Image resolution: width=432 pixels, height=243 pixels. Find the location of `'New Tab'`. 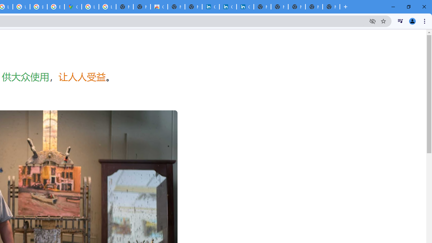

'New Tab' is located at coordinates (331, 7).